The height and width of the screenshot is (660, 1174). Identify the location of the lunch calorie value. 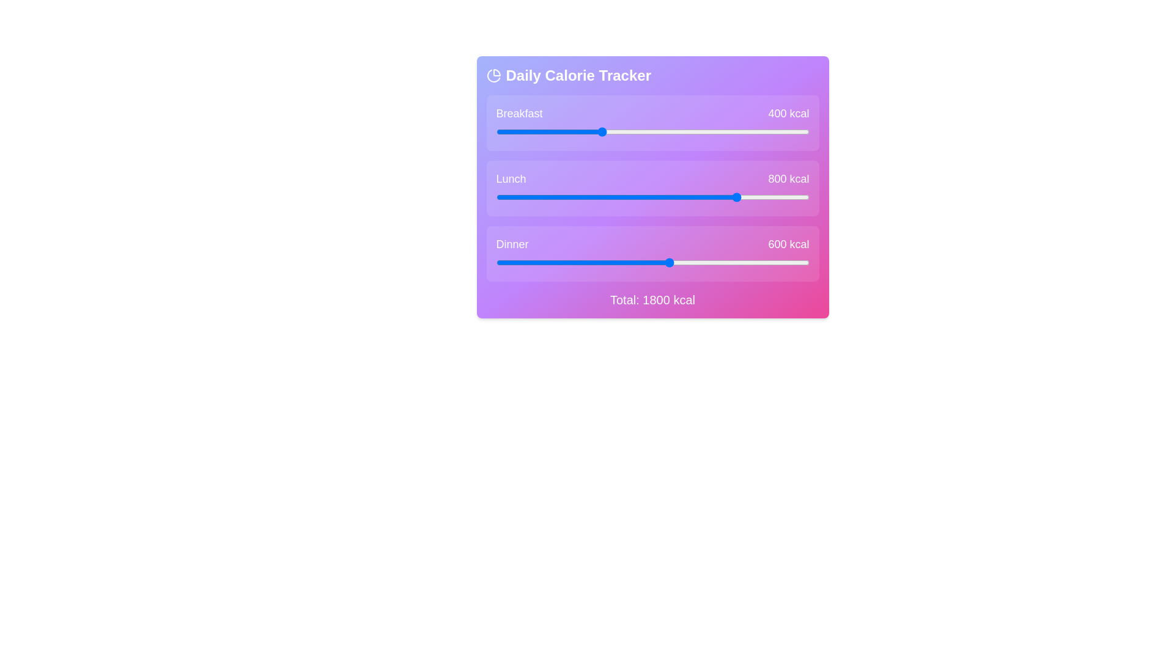
(559, 197).